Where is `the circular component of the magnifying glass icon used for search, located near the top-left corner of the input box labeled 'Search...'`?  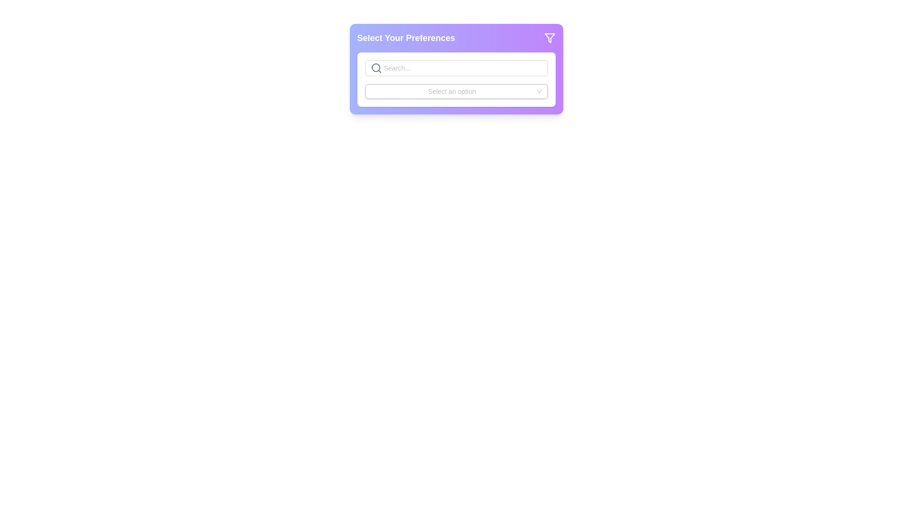 the circular component of the magnifying glass icon used for search, located near the top-left corner of the input box labeled 'Search...' is located at coordinates (375, 67).